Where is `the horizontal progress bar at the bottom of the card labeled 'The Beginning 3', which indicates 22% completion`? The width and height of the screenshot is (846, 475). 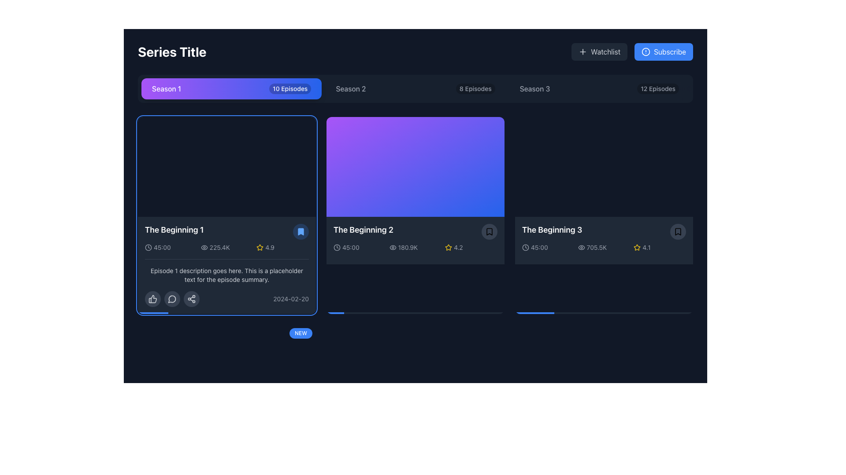 the horizontal progress bar at the bottom of the card labeled 'The Beginning 3', which indicates 22% completion is located at coordinates (604, 313).